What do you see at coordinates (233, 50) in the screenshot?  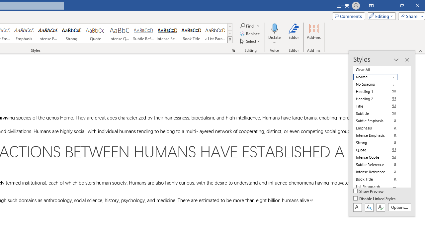 I see `'Styles...'` at bounding box center [233, 50].